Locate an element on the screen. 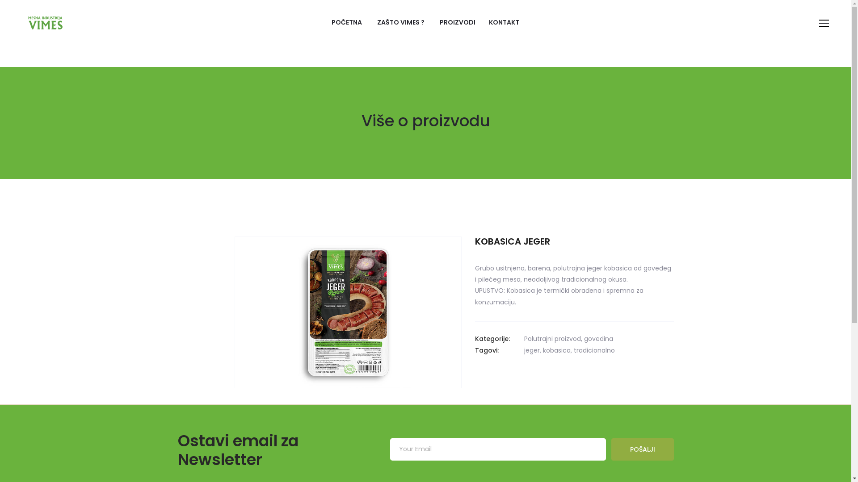 The width and height of the screenshot is (858, 482). 'govedina' is located at coordinates (583, 339).